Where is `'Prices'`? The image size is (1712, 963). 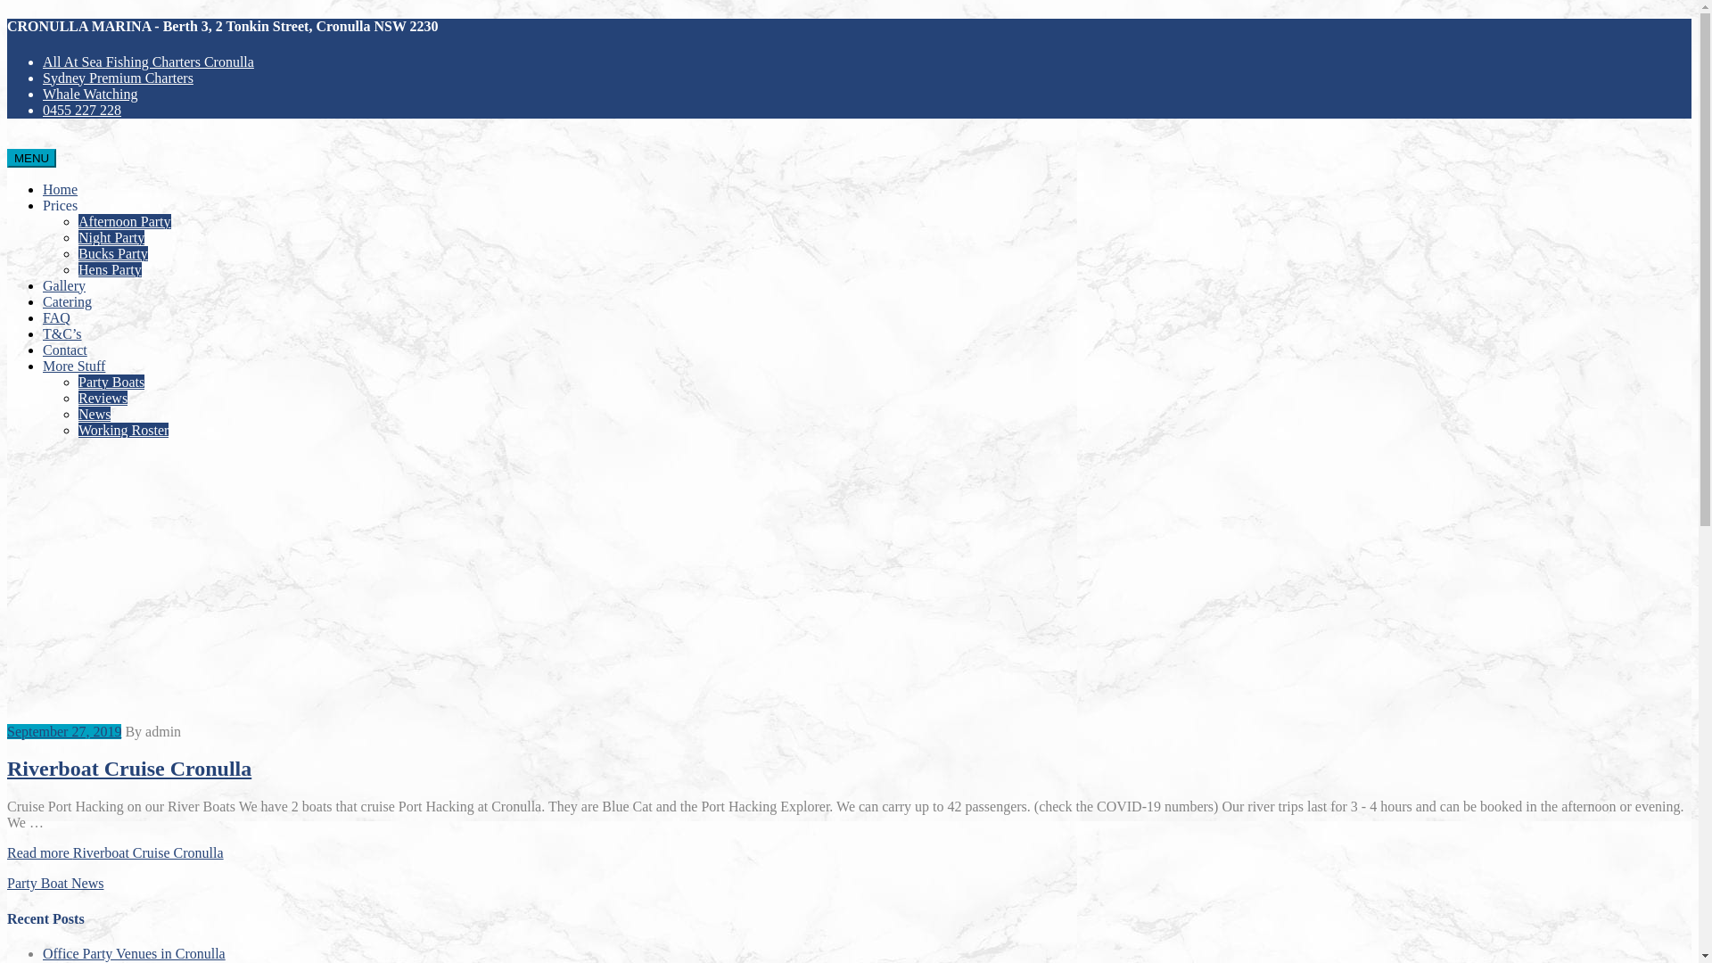 'Prices' is located at coordinates (60, 204).